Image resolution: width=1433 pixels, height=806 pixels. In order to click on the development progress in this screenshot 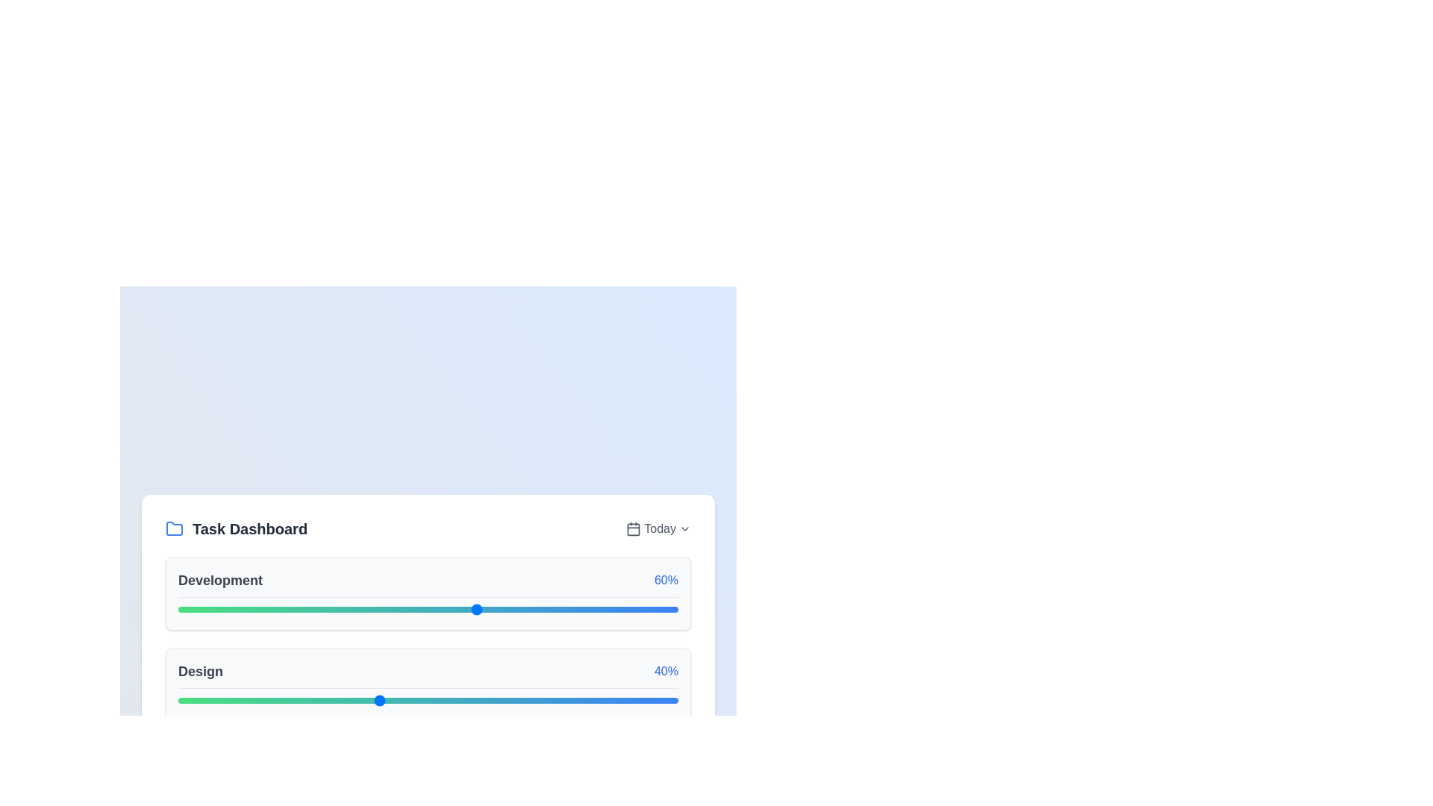, I will do `click(408, 610)`.